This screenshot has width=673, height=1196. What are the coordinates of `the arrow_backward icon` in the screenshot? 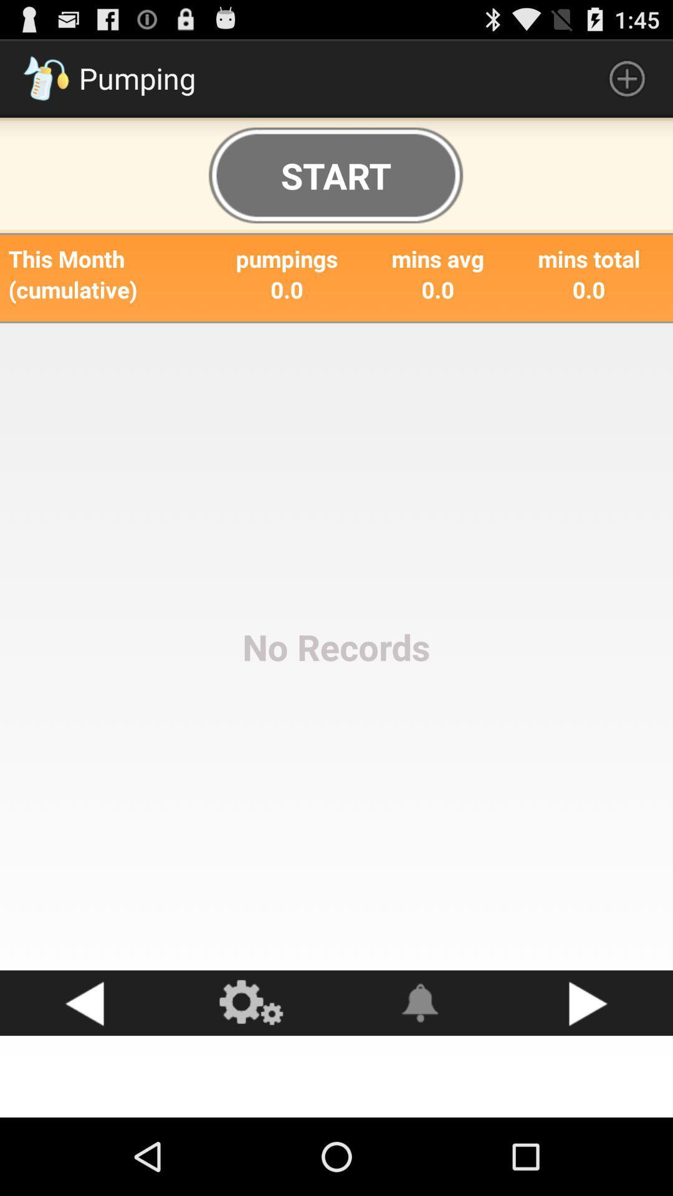 It's located at (84, 1073).